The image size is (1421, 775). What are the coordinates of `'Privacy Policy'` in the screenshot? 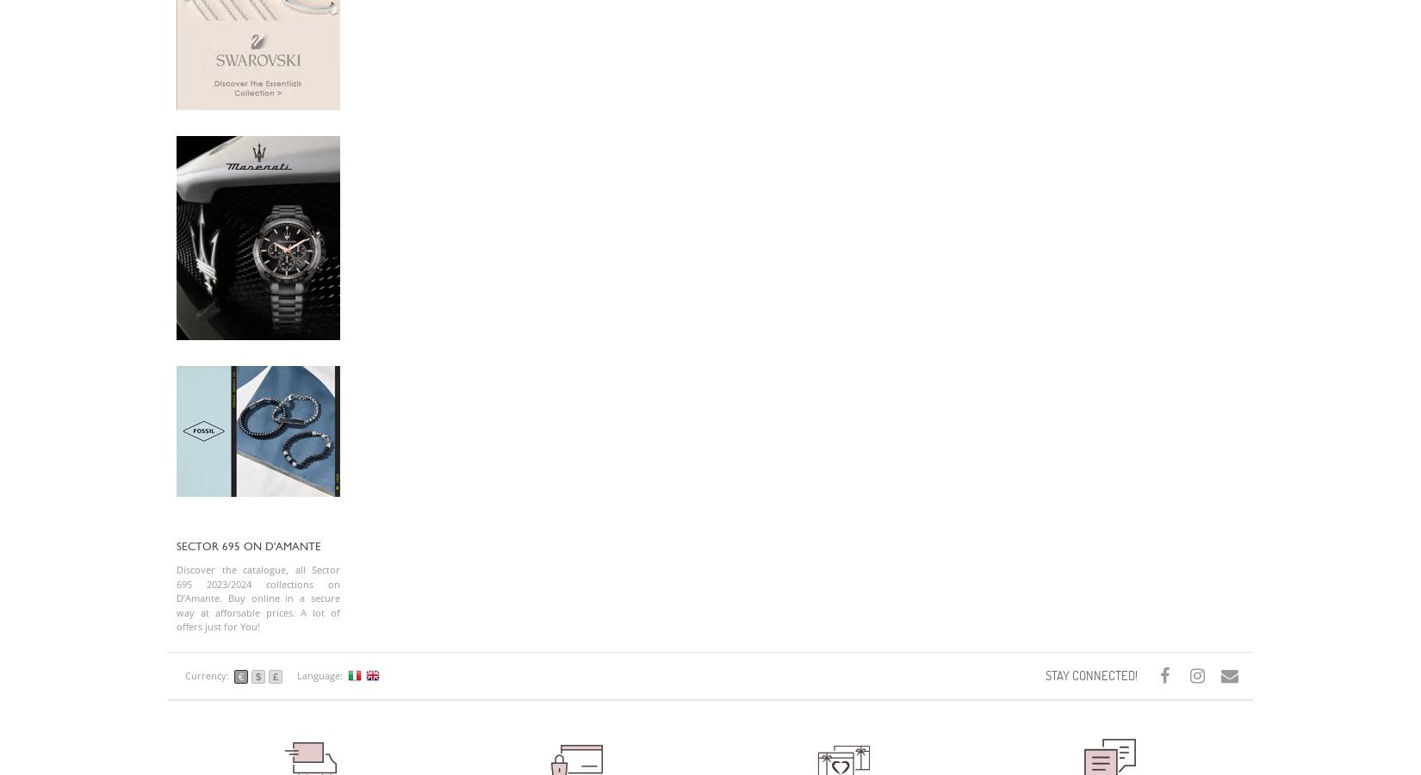 It's located at (176, 154).